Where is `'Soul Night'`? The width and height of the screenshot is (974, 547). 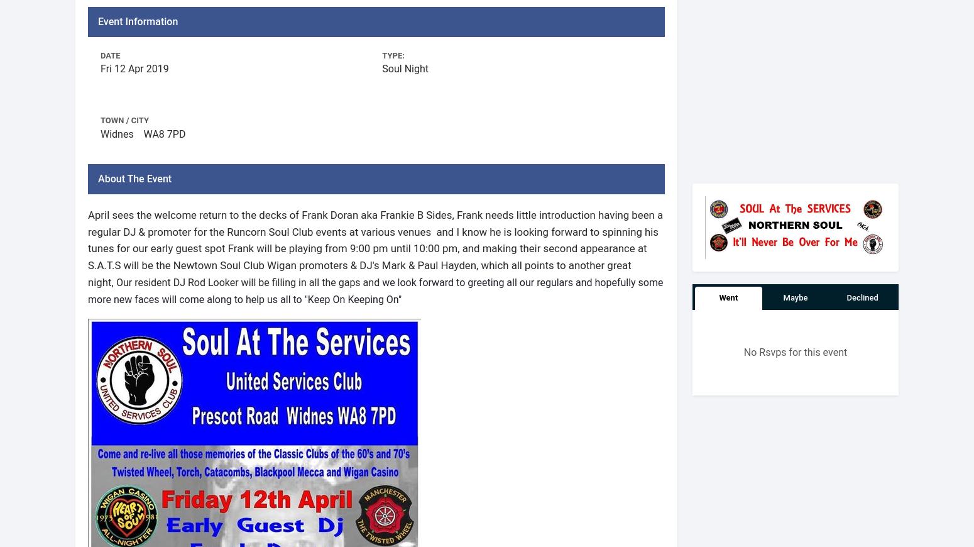 'Soul Night' is located at coordinates (382, 68).